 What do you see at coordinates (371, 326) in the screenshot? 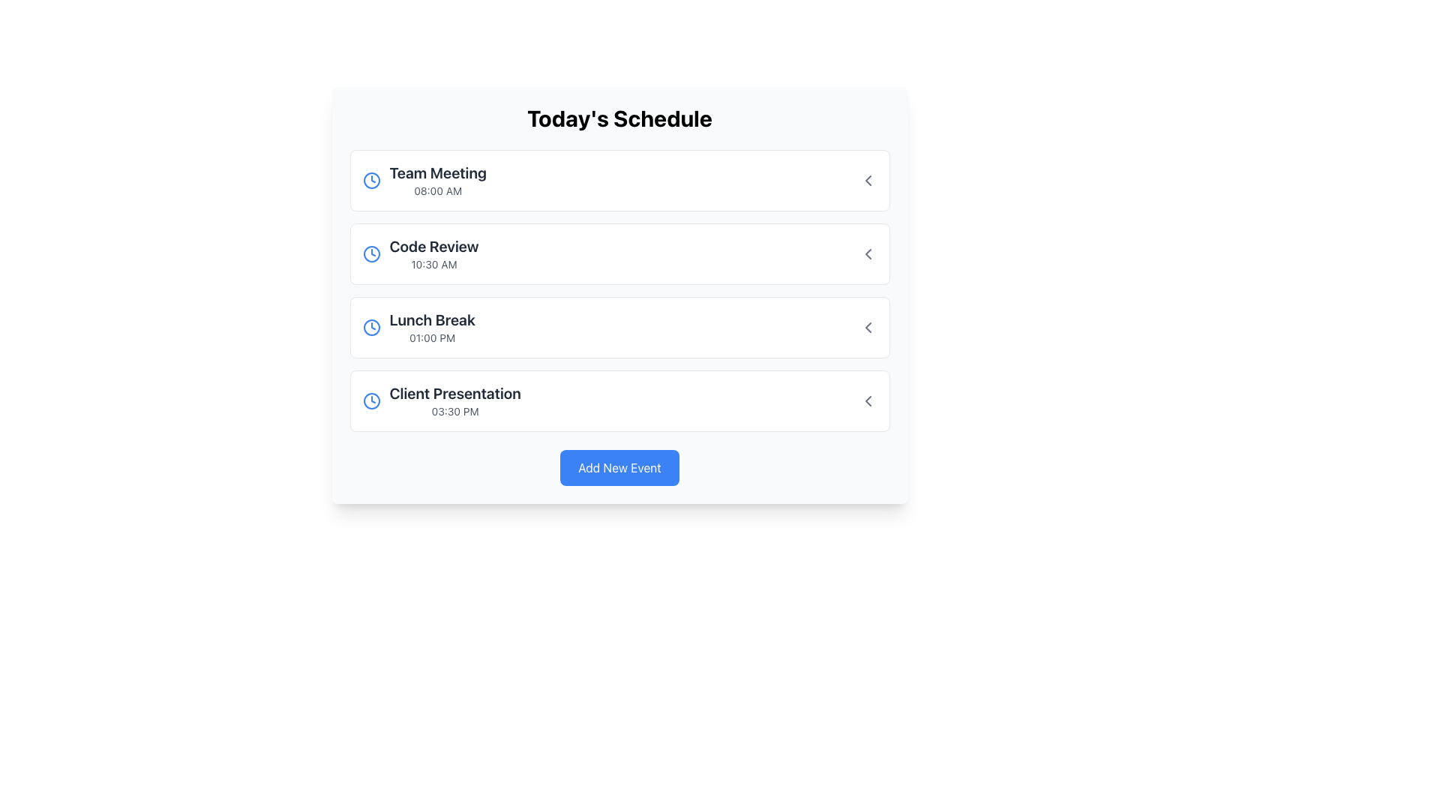
I see `the clock-shaped icon` at bounding box center [371, 326].